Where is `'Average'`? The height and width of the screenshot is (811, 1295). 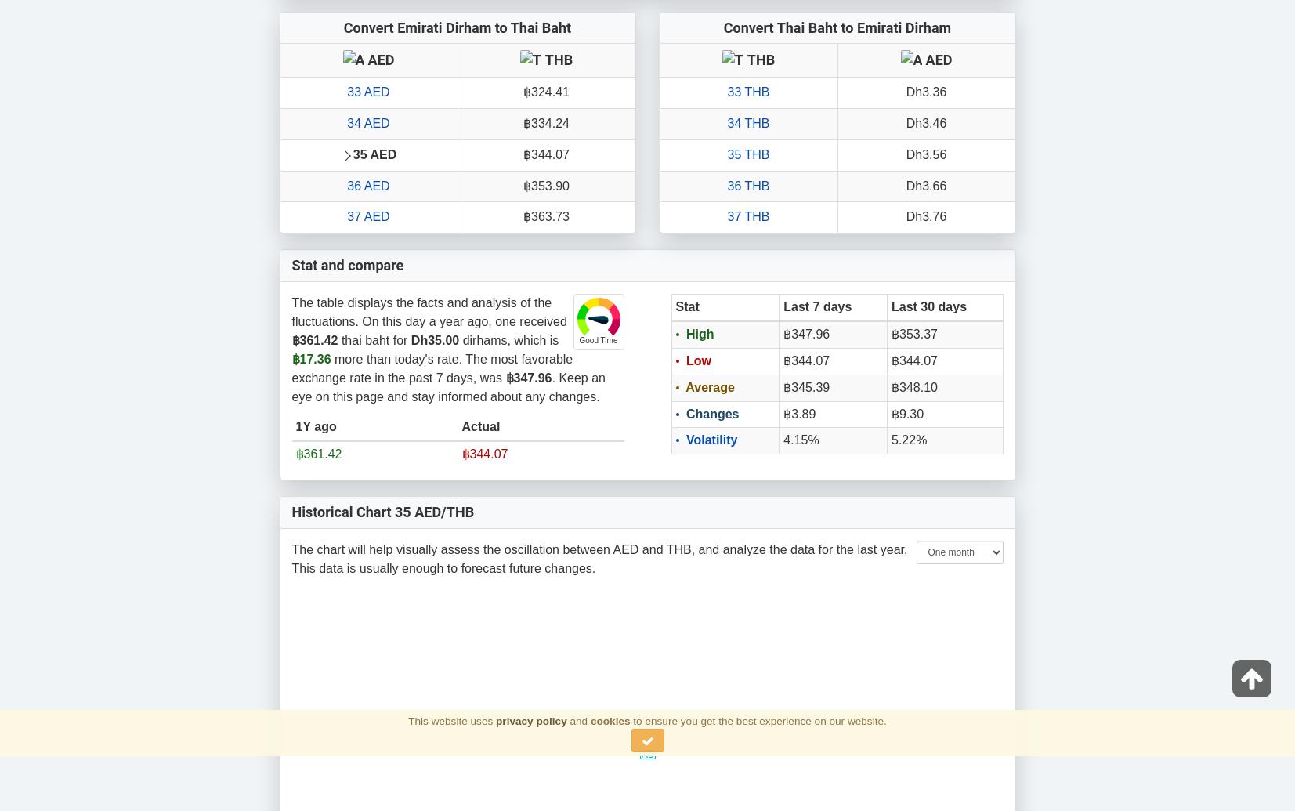 'Average' is located at coordinates (708, 386).